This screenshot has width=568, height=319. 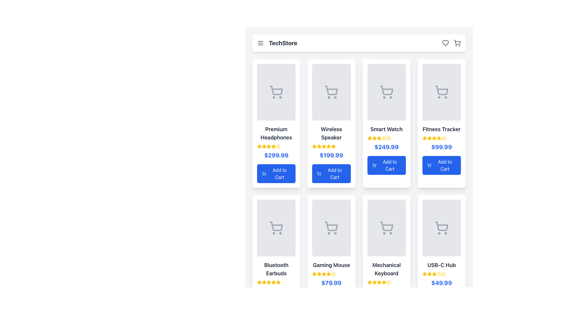 I want to click on the 'Add to Cart' button for the 'Smart Watch' product, so click(x=386, y=165).